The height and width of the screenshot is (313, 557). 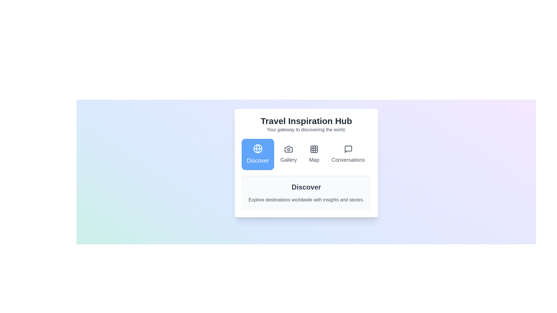 I want to click on the top-left square icon in the 3x3 grid layout, which is styled with a plain design and has rounded corners, so click(x=314, y=149).